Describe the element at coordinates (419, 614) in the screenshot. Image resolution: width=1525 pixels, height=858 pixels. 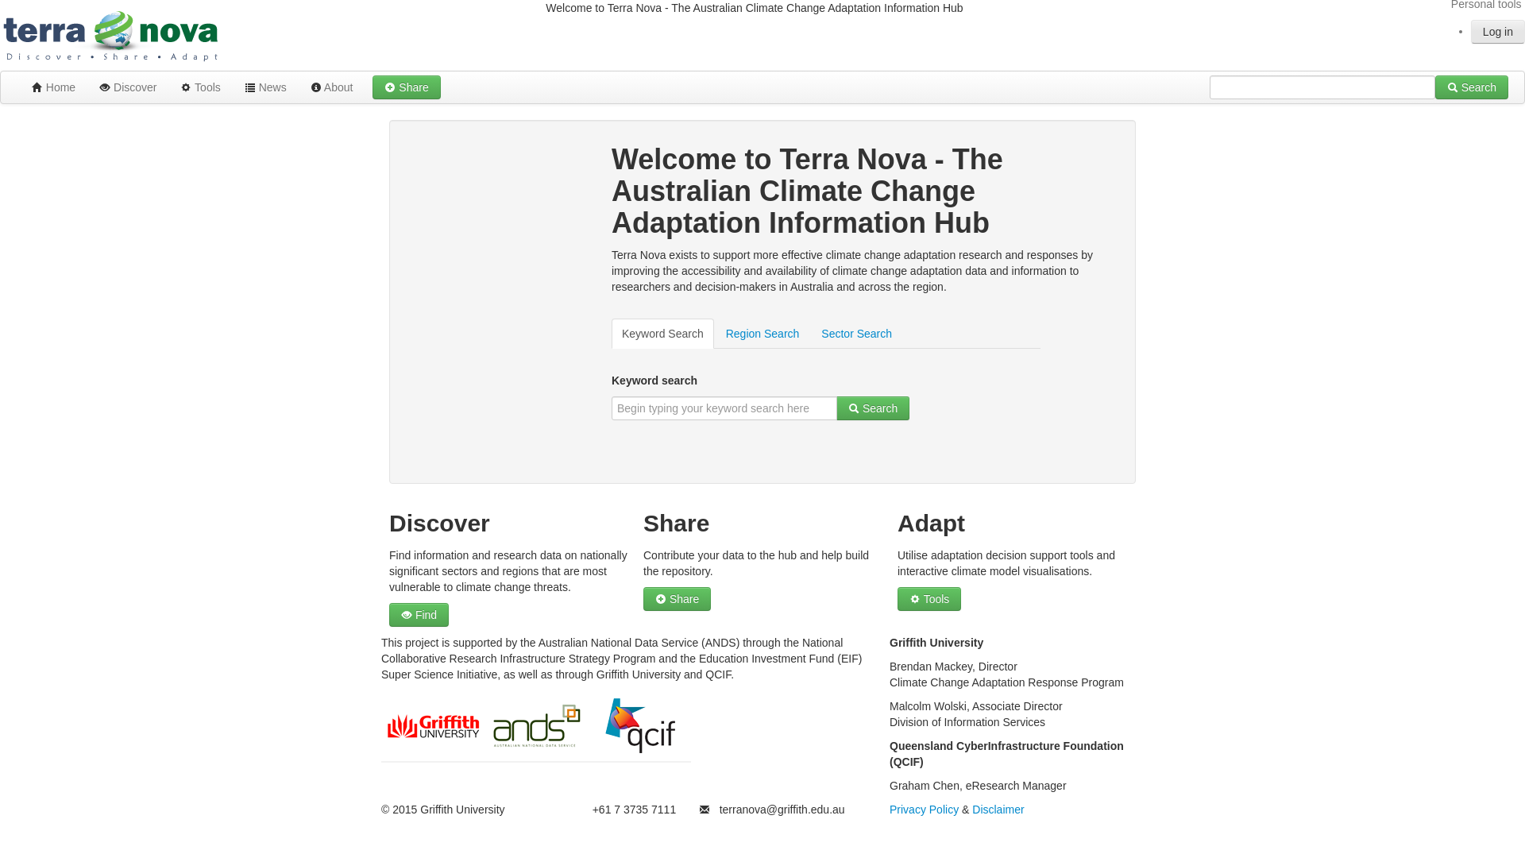
I see `'Find'` at that location.